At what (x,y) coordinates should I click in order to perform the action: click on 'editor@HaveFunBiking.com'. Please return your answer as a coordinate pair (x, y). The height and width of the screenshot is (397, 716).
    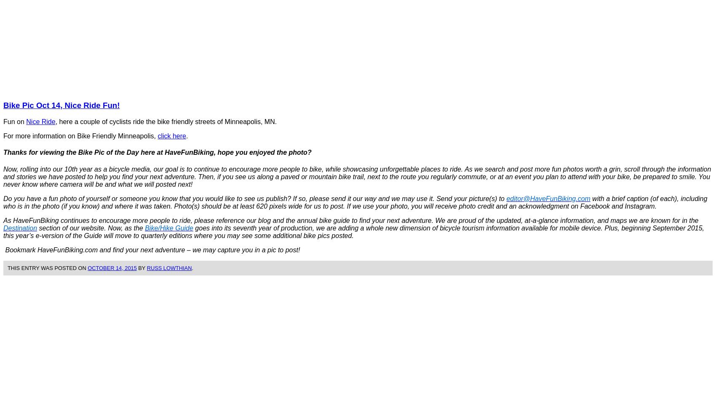
    Looking at the image, I should click on (548, 198).